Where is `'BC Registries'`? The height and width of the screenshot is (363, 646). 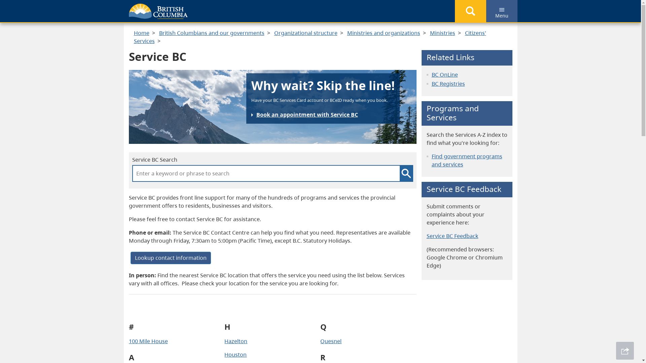 'BC Registries' is located at coordinates (431, 83).